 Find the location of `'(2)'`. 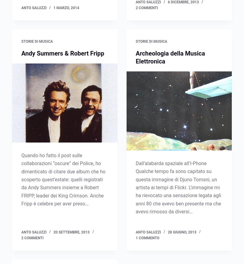

'(2)' is located at coordinates (42, 125).